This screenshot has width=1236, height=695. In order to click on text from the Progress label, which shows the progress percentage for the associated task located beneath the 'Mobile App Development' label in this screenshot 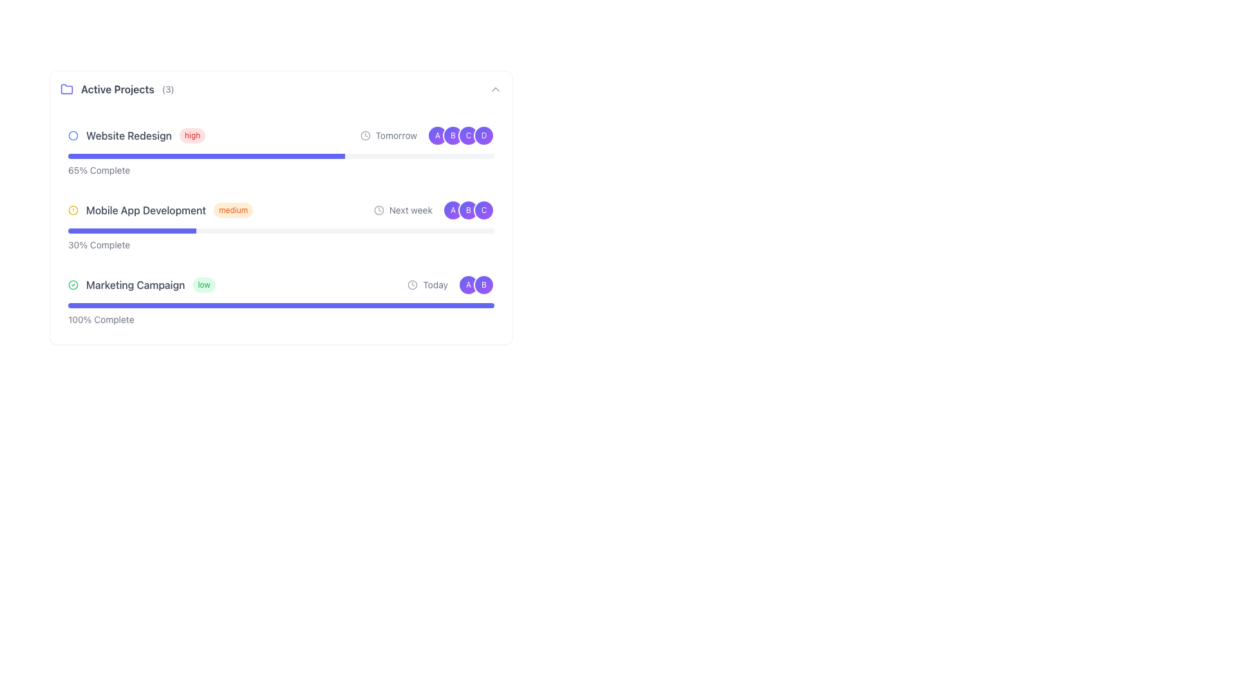, I will do `click(98, 245)`.